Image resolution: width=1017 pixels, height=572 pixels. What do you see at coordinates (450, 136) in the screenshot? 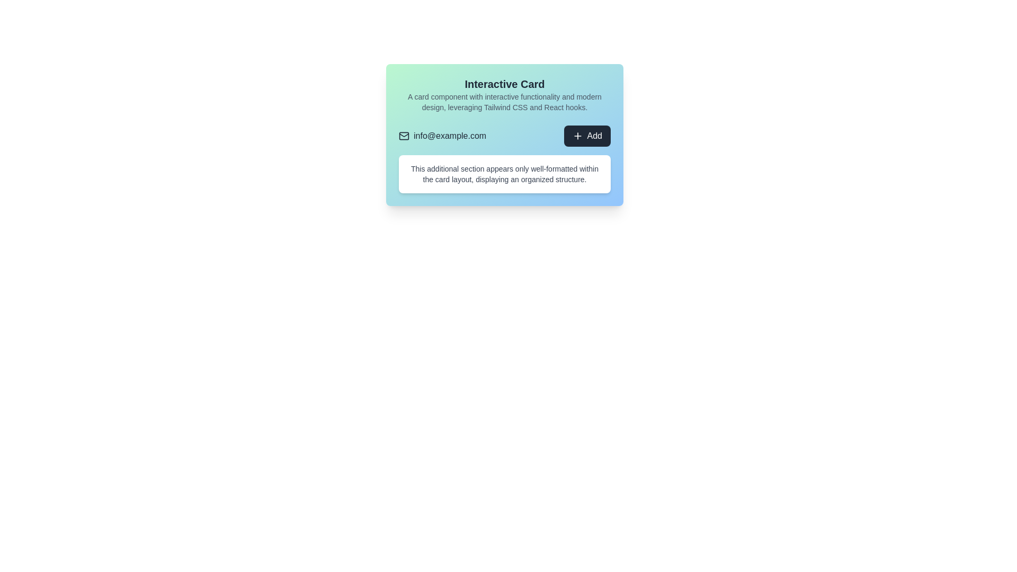
I see `the text display element that shows 'info@example.com', which is located next to an envelope icon and above the 'Add' button` at bounding box center [450, 136].